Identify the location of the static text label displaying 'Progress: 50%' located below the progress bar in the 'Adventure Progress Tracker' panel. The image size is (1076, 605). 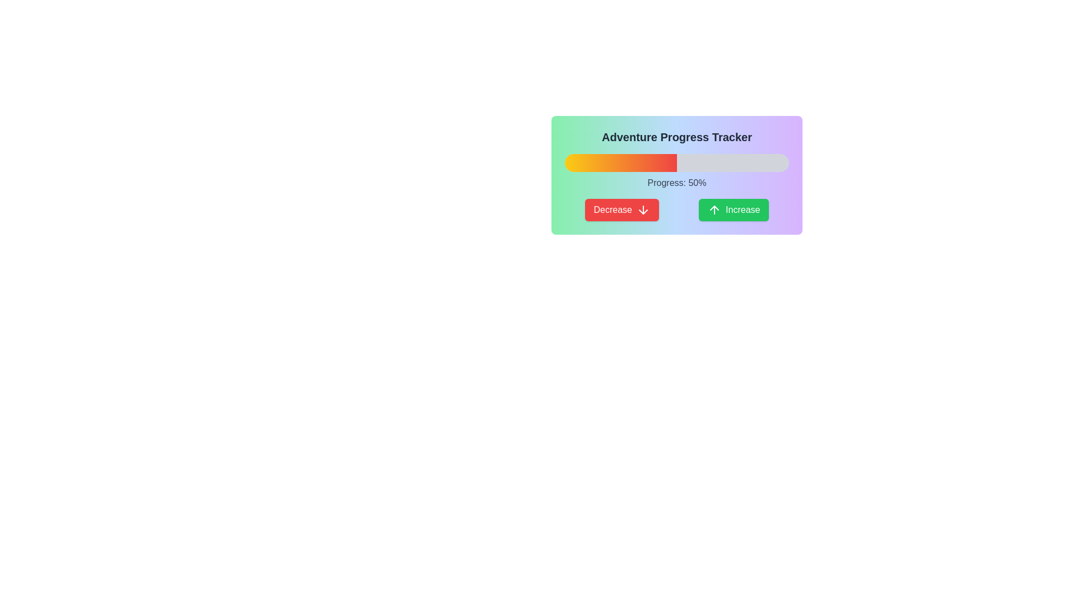
(676, 183).